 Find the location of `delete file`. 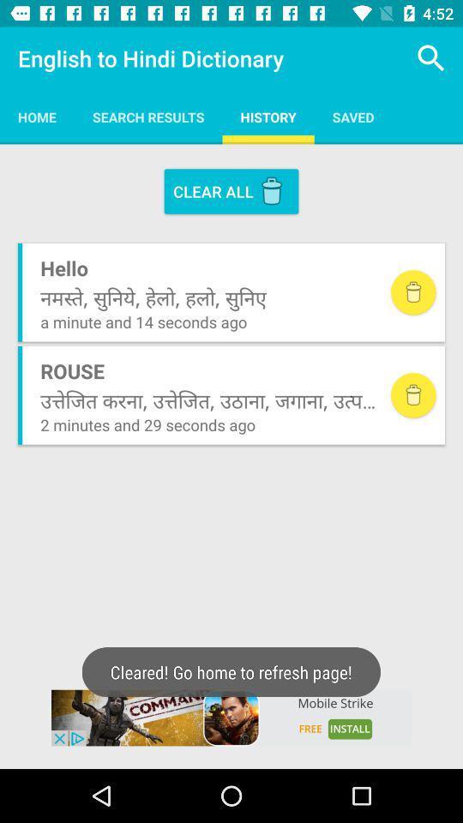

delete file is located at coordinates (412, 292).